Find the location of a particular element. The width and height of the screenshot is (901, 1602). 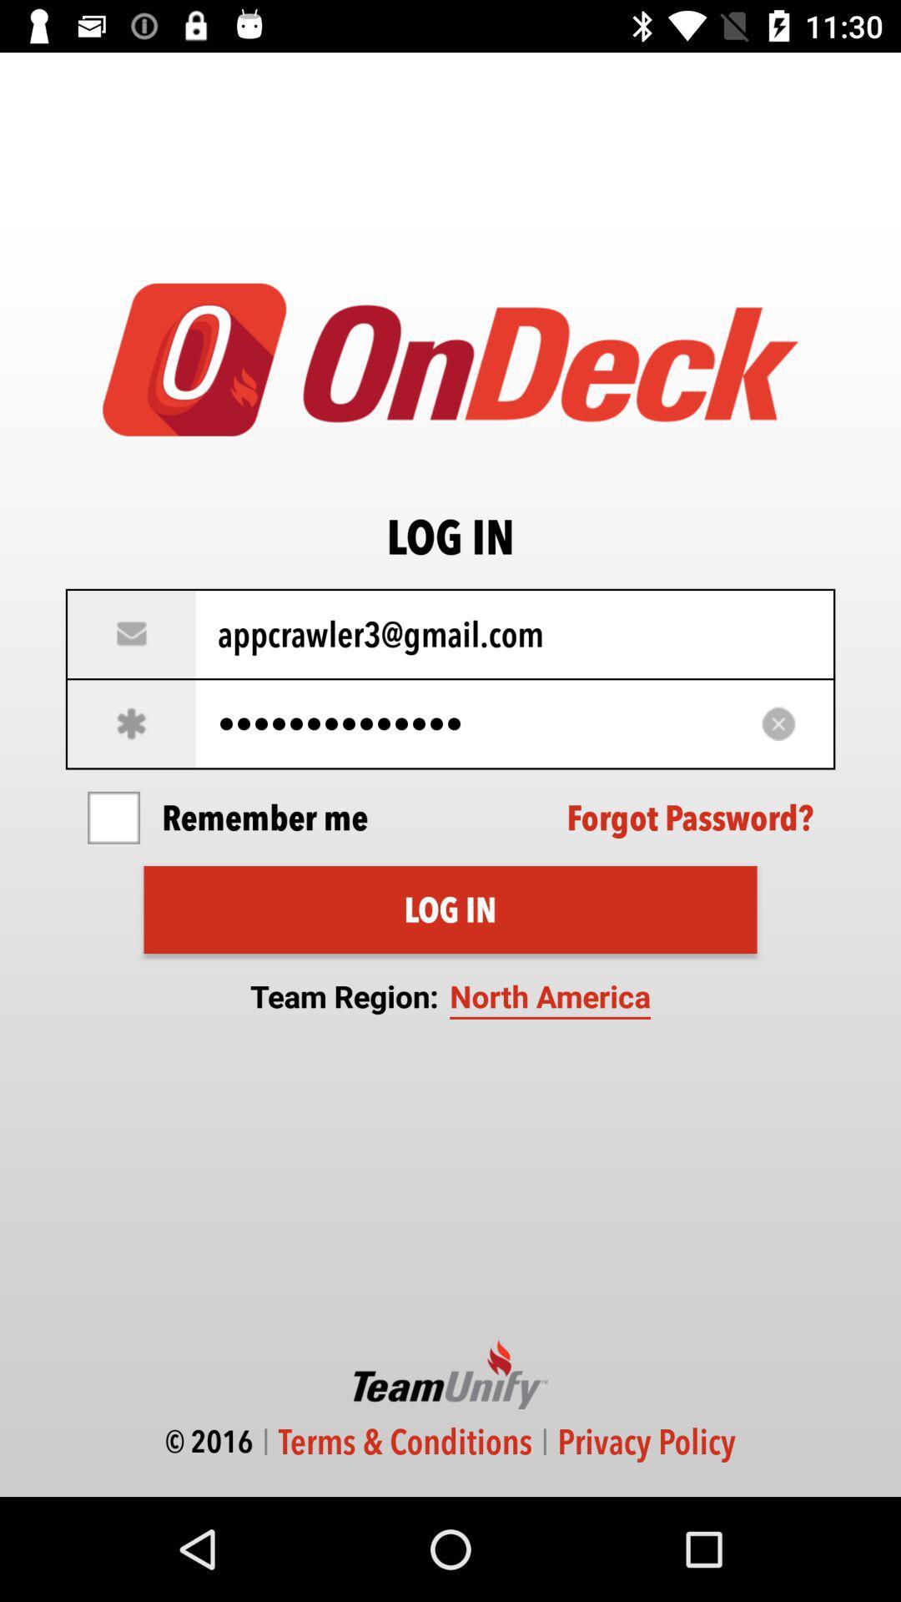

remember login for next time is located at coordinates (113, 818).